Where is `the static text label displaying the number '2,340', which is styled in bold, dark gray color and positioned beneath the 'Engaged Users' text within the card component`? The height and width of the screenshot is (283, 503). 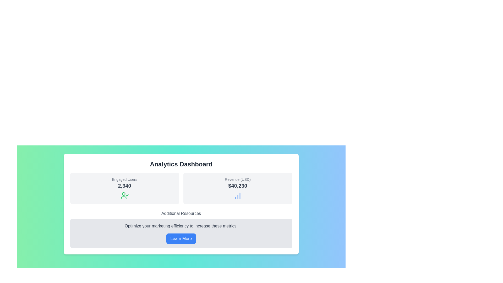
the static text label displaying the number '2,340', which is styled in bold, dark gray color and positioned beneath the 'Engaged Users' text within the card component is located at coordinates (124, 186).